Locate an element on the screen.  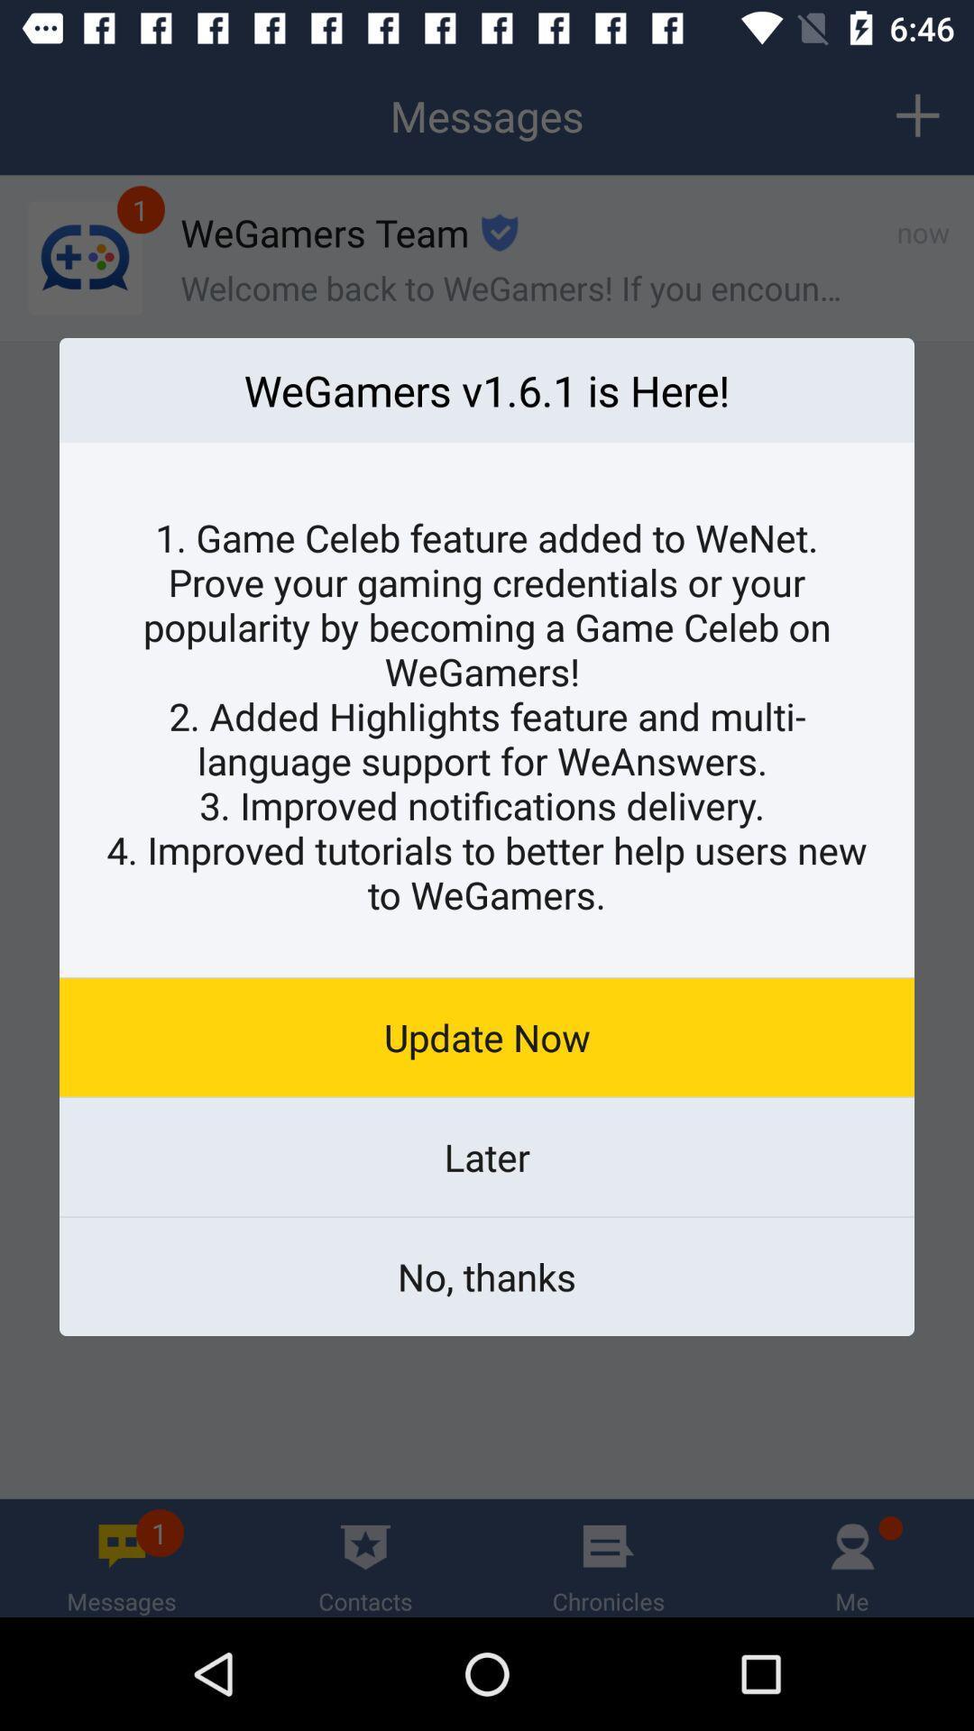
no, thanks app is located at coordinates (487, 1276).